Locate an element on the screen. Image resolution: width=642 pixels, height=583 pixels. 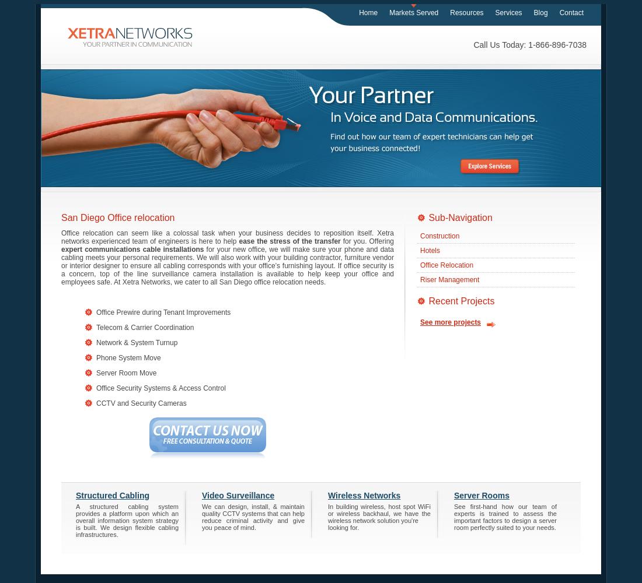
'See first-hand how our team of experts is trained to assess the important factors to design a server room perfectly suited to your needs.' is located at coordinates (505, 517).